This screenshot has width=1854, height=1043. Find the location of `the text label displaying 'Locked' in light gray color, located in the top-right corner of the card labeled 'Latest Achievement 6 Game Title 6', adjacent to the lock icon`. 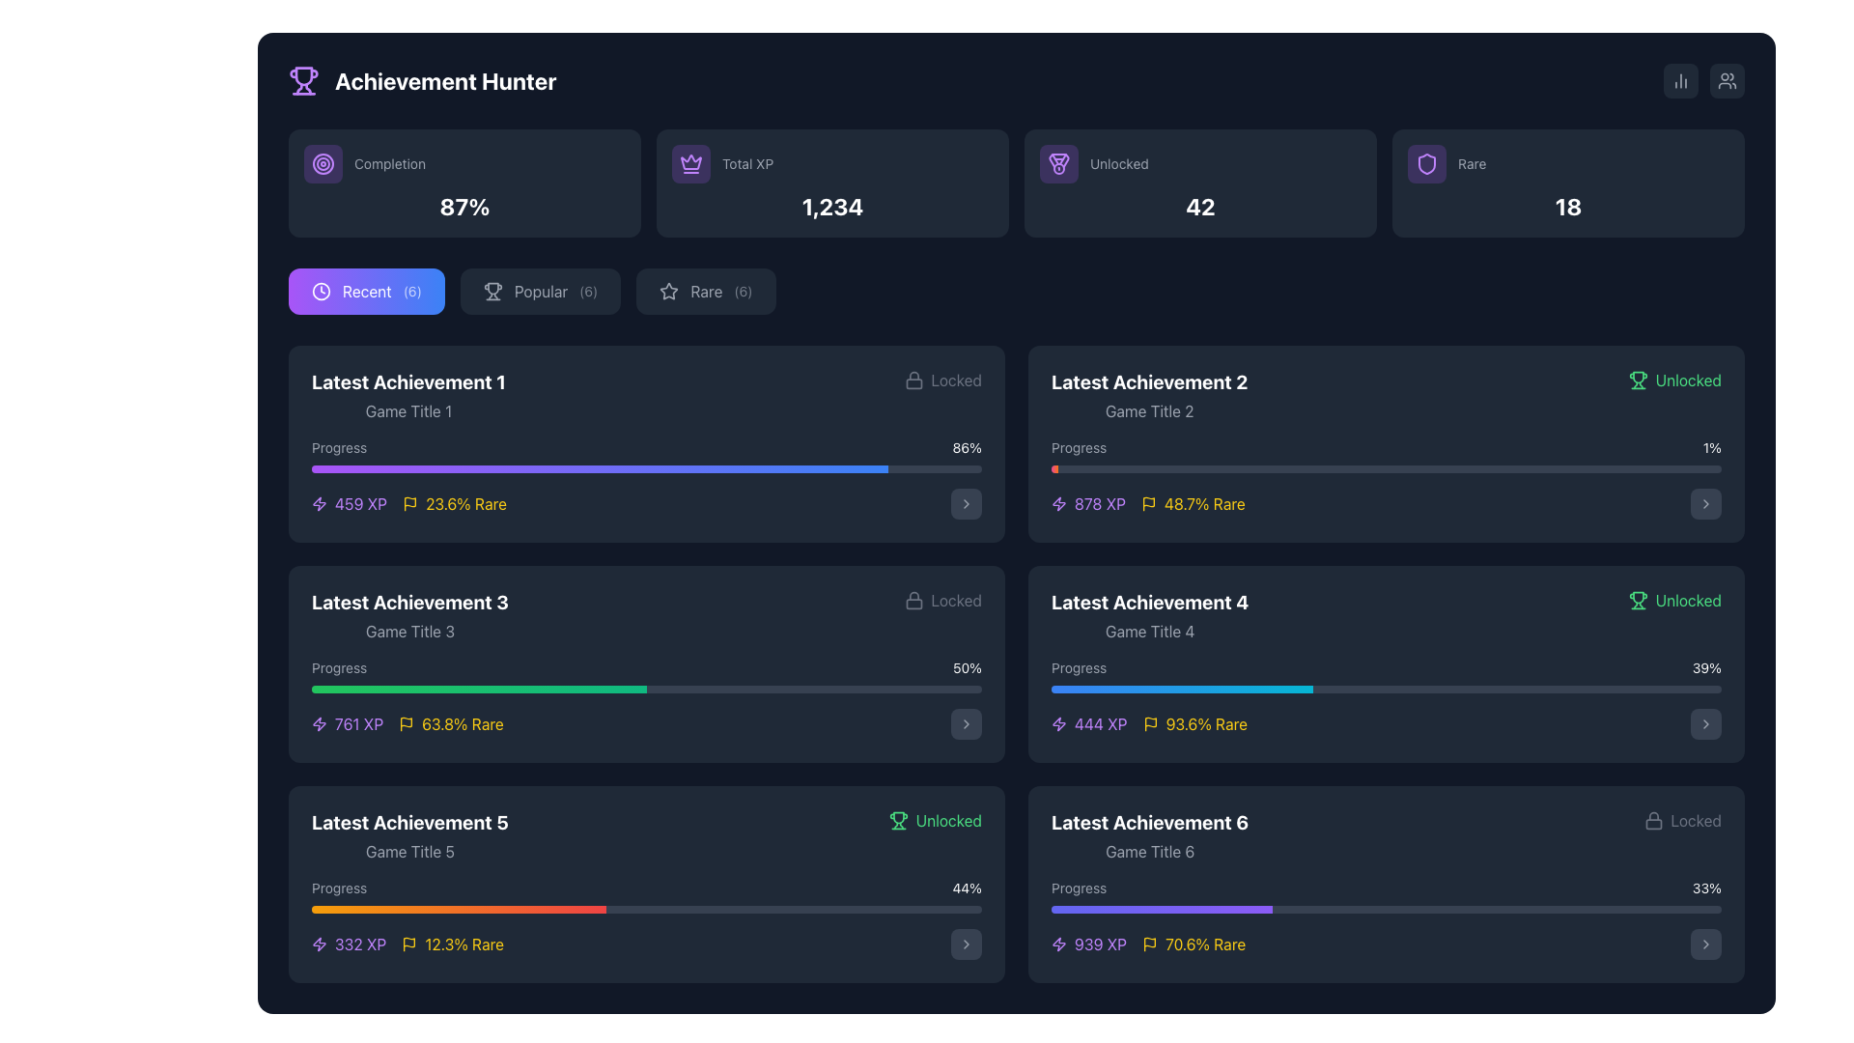

the text label displaying 'Locked' in light gray color, located in the top-right corner of the card labeled 'Latest Achievement 6 Game Title 6', adjacent to the lock icon is located at coordinates (956, 599).